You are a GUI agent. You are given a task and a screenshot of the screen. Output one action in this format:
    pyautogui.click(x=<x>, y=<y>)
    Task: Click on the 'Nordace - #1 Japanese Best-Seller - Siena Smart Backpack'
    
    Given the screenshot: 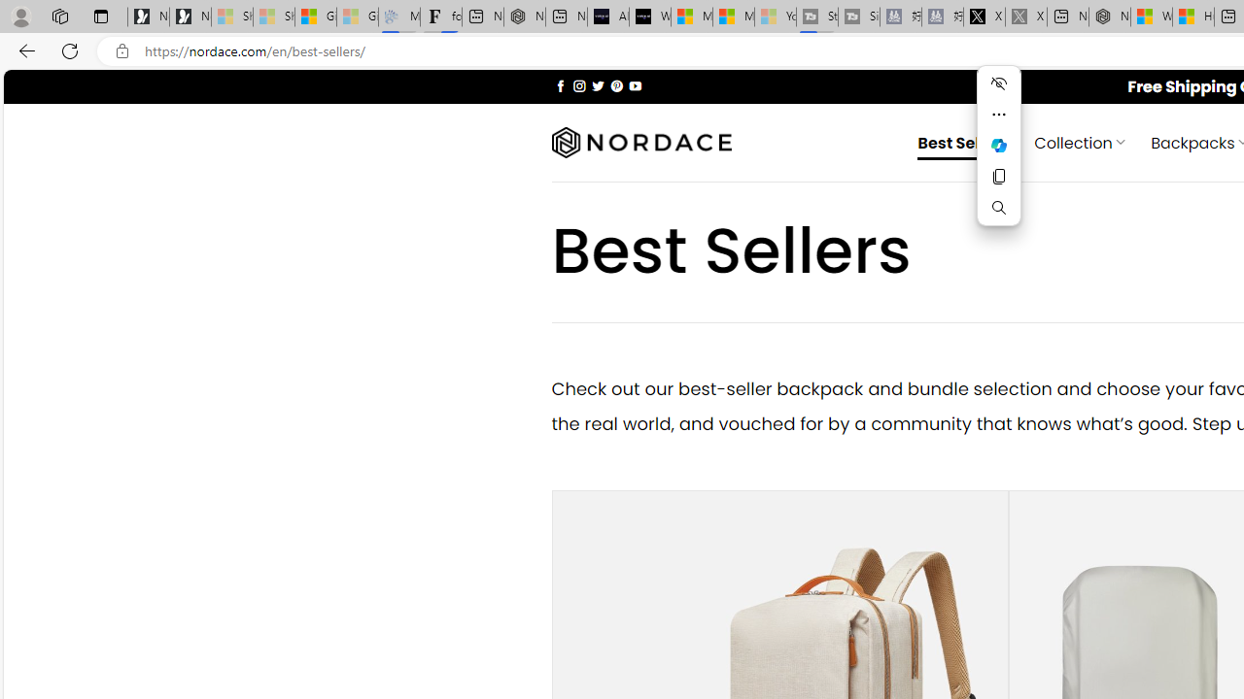 What is the action you would take?
    pyautogui.click(x=524, y=17)
    